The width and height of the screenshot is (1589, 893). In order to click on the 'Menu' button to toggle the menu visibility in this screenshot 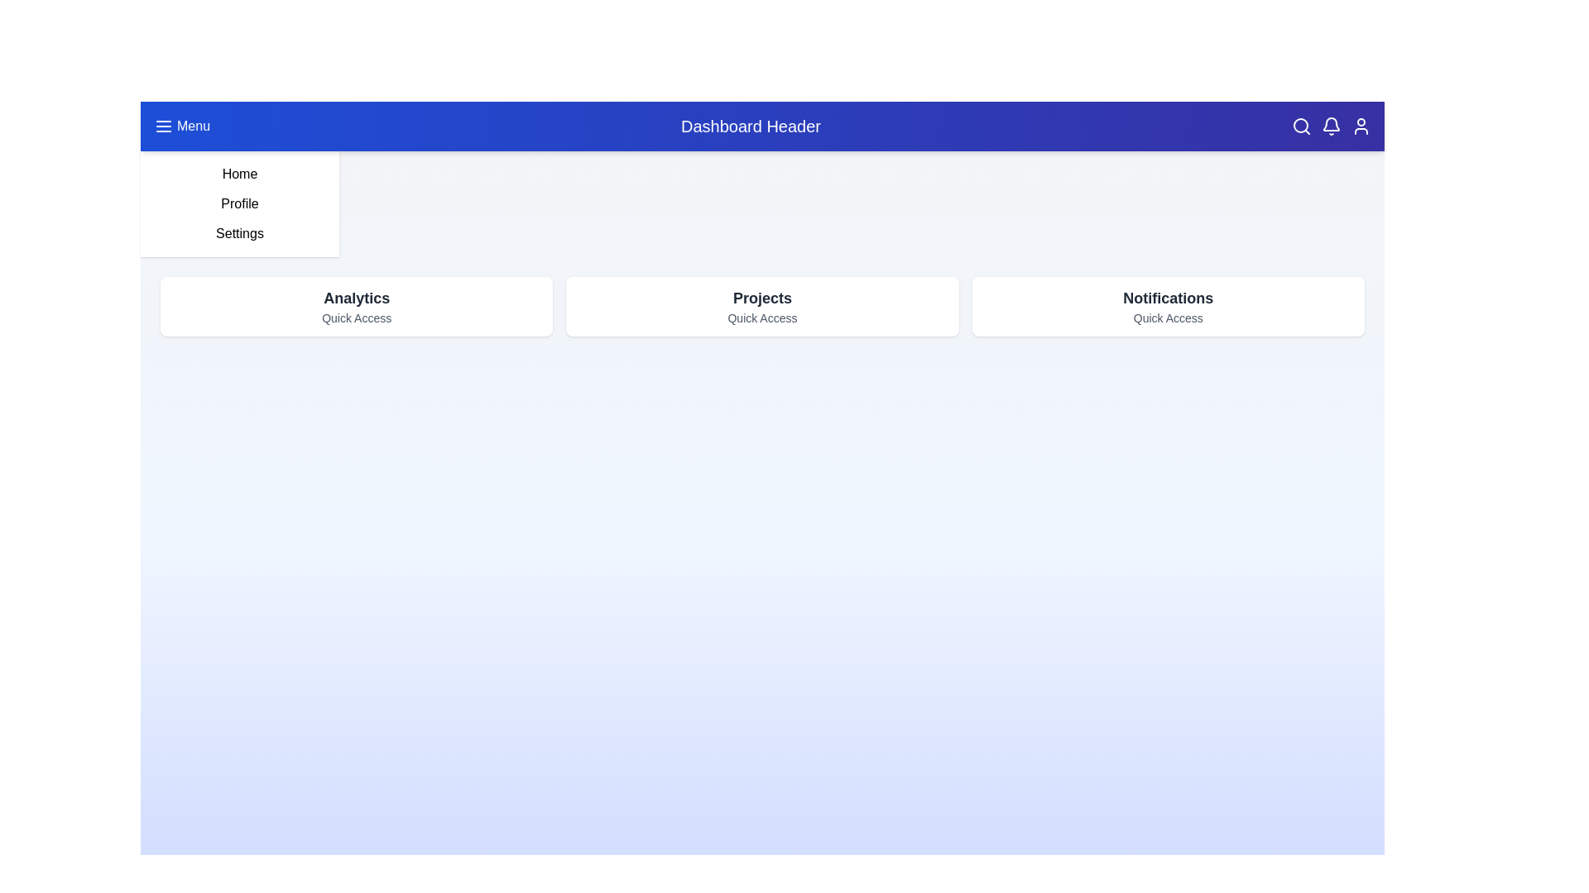, I will do `click(182, 126)`.